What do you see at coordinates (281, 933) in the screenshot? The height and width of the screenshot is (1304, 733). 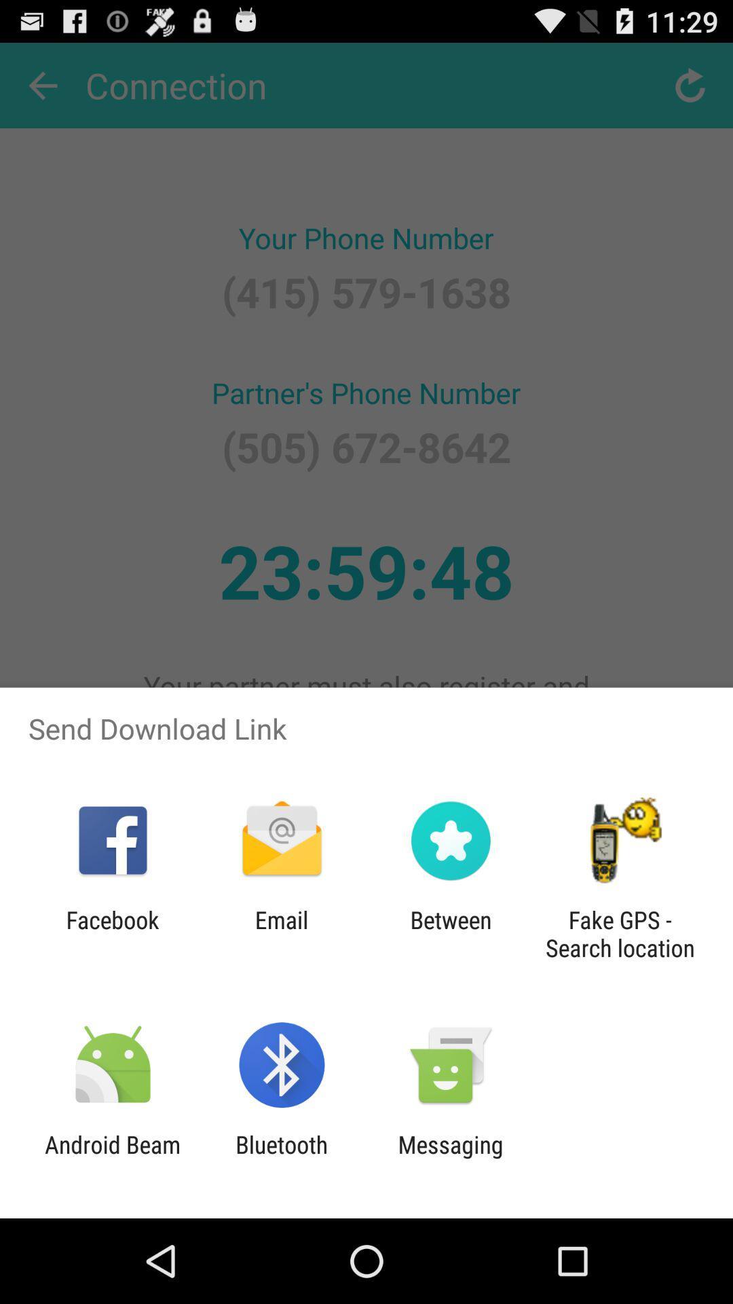 I see `the item to the left of the between item` at bounding box center [281, 933].